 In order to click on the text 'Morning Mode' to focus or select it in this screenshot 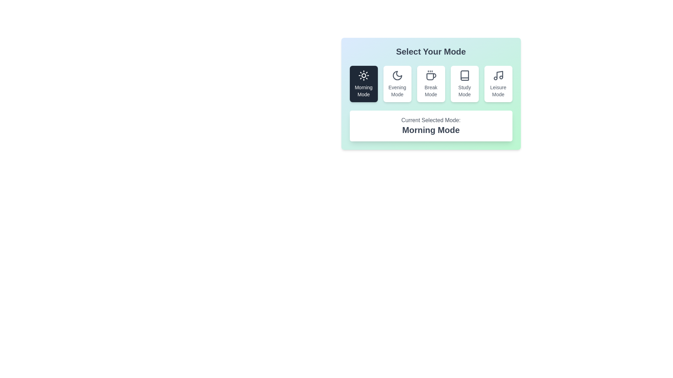, I will do `click(363, 90)`.